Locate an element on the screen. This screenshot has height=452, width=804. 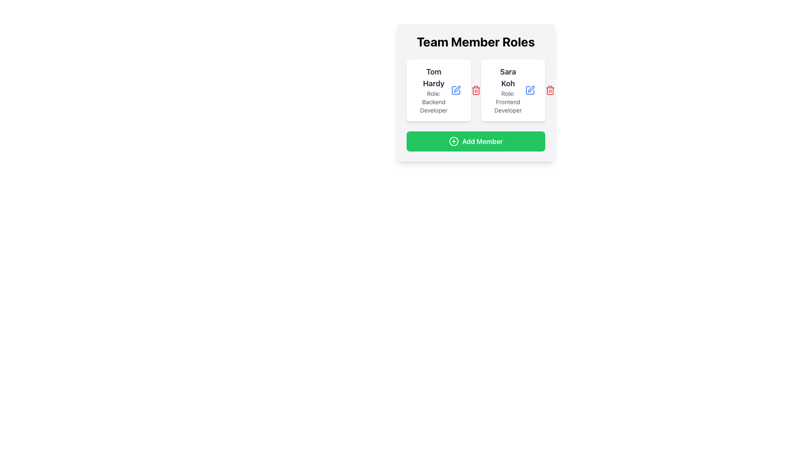
text label that describes the job or function of the team member, located beneath the name 'Sara Koh' within the card-like layout is located at coordinates (508, 101).